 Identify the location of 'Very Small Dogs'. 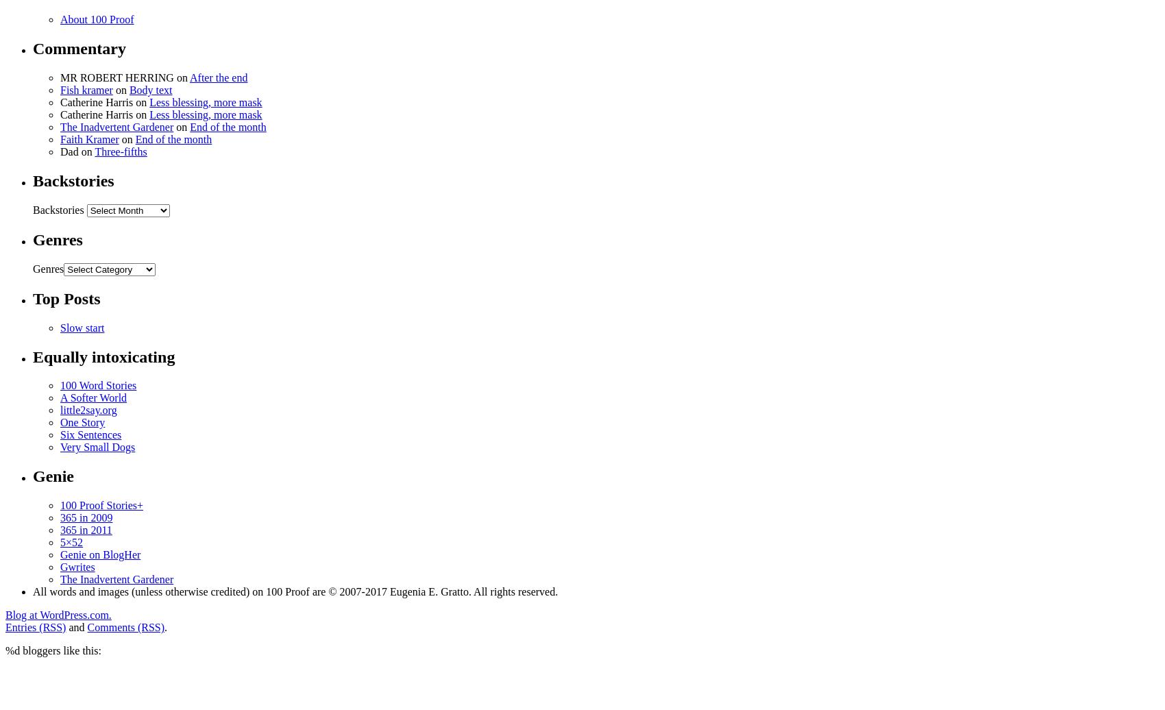
(97, 447).